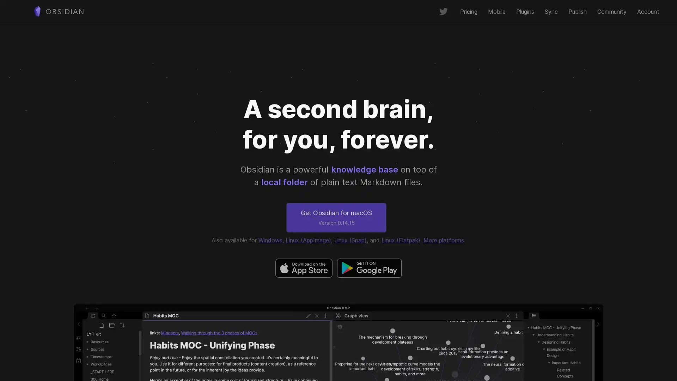 The image size is (677, 381). Describe the element at coordinates (336, 217) in the screenshot. I see `Get Obsidian for macOS Version 0.14.15` at that location.